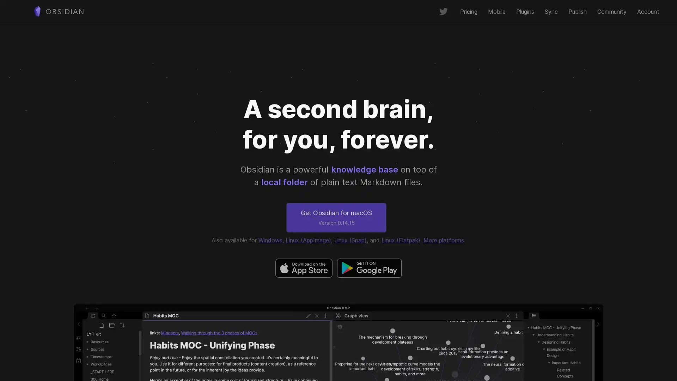 The image size is (677, 381). Describe the element at coordinates (336, 217) in the screenshot. I see `Get Obsidian for macOS Version 0.14.15` at that location.